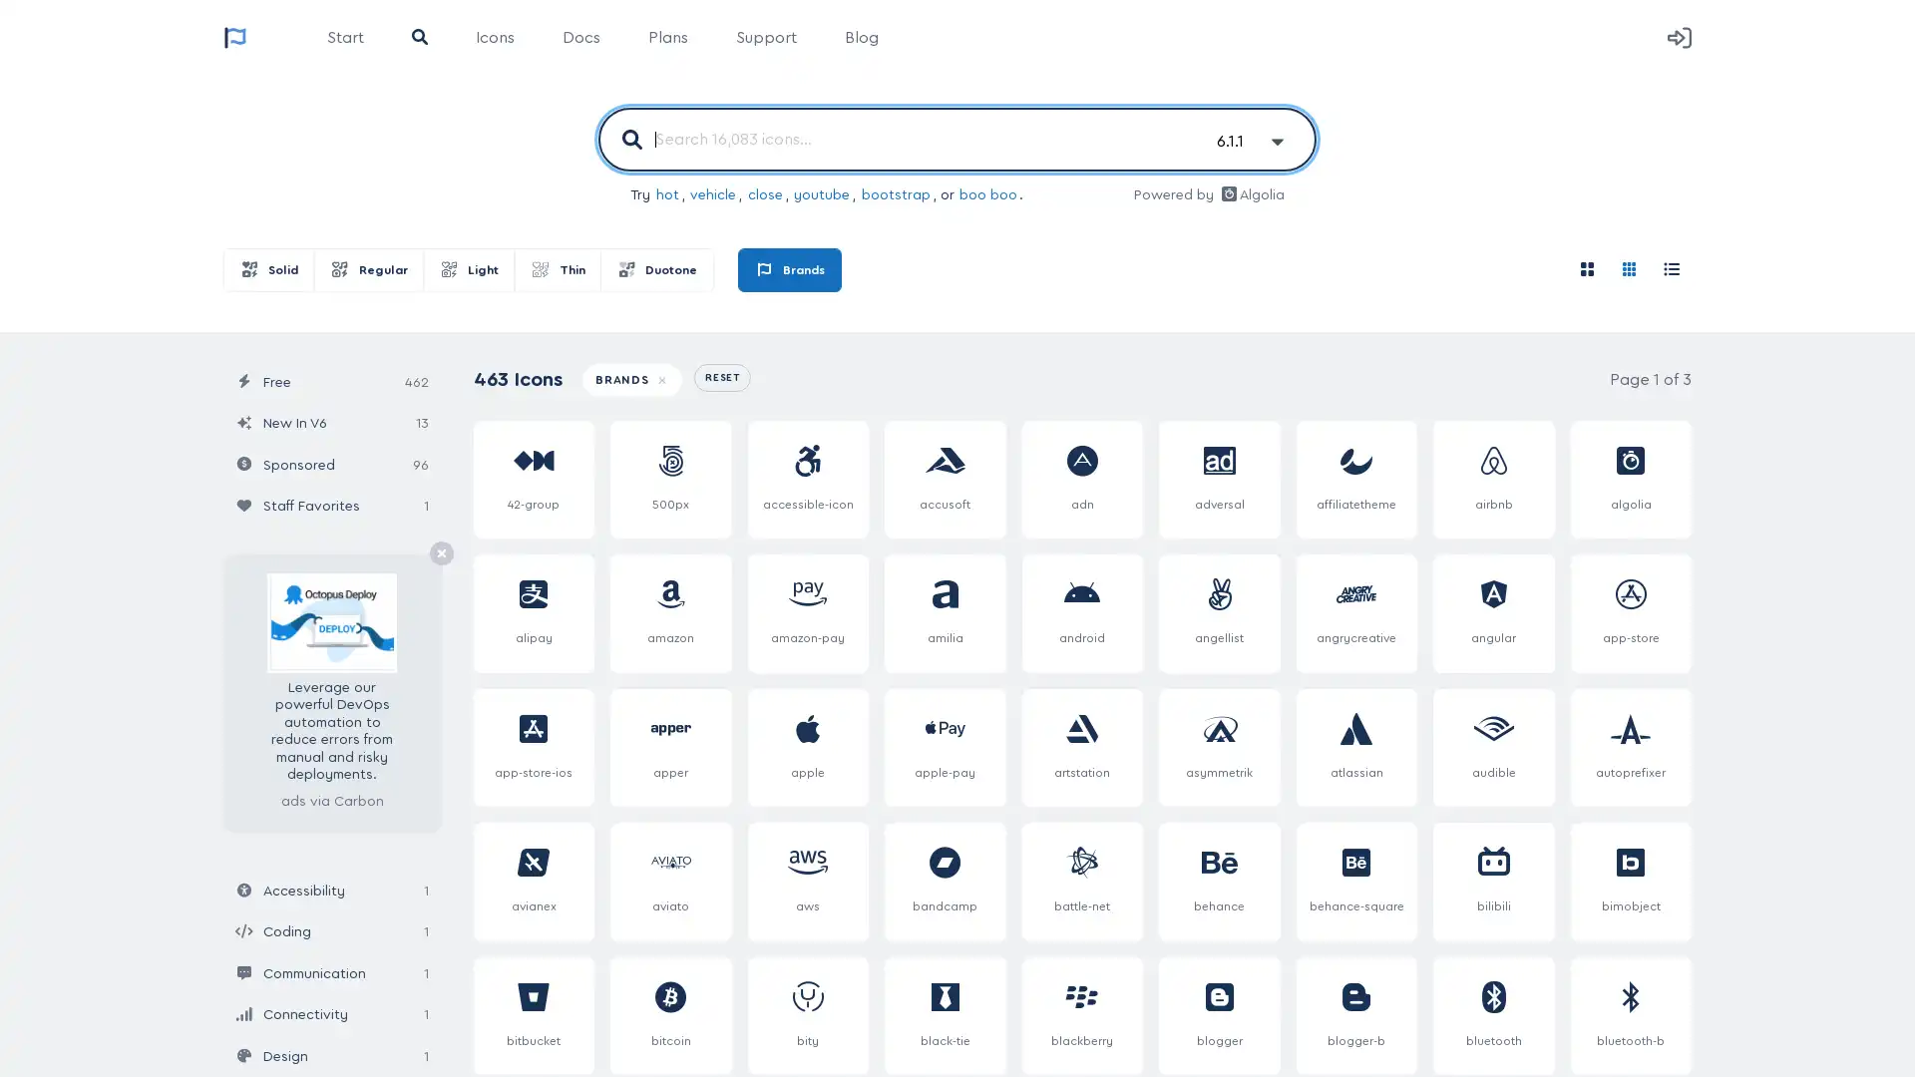 This screenshot has width=1915, height=1077. Describe the element at coordinates (808, 625) in the screenshot. I see `amazon-pay` at that location.